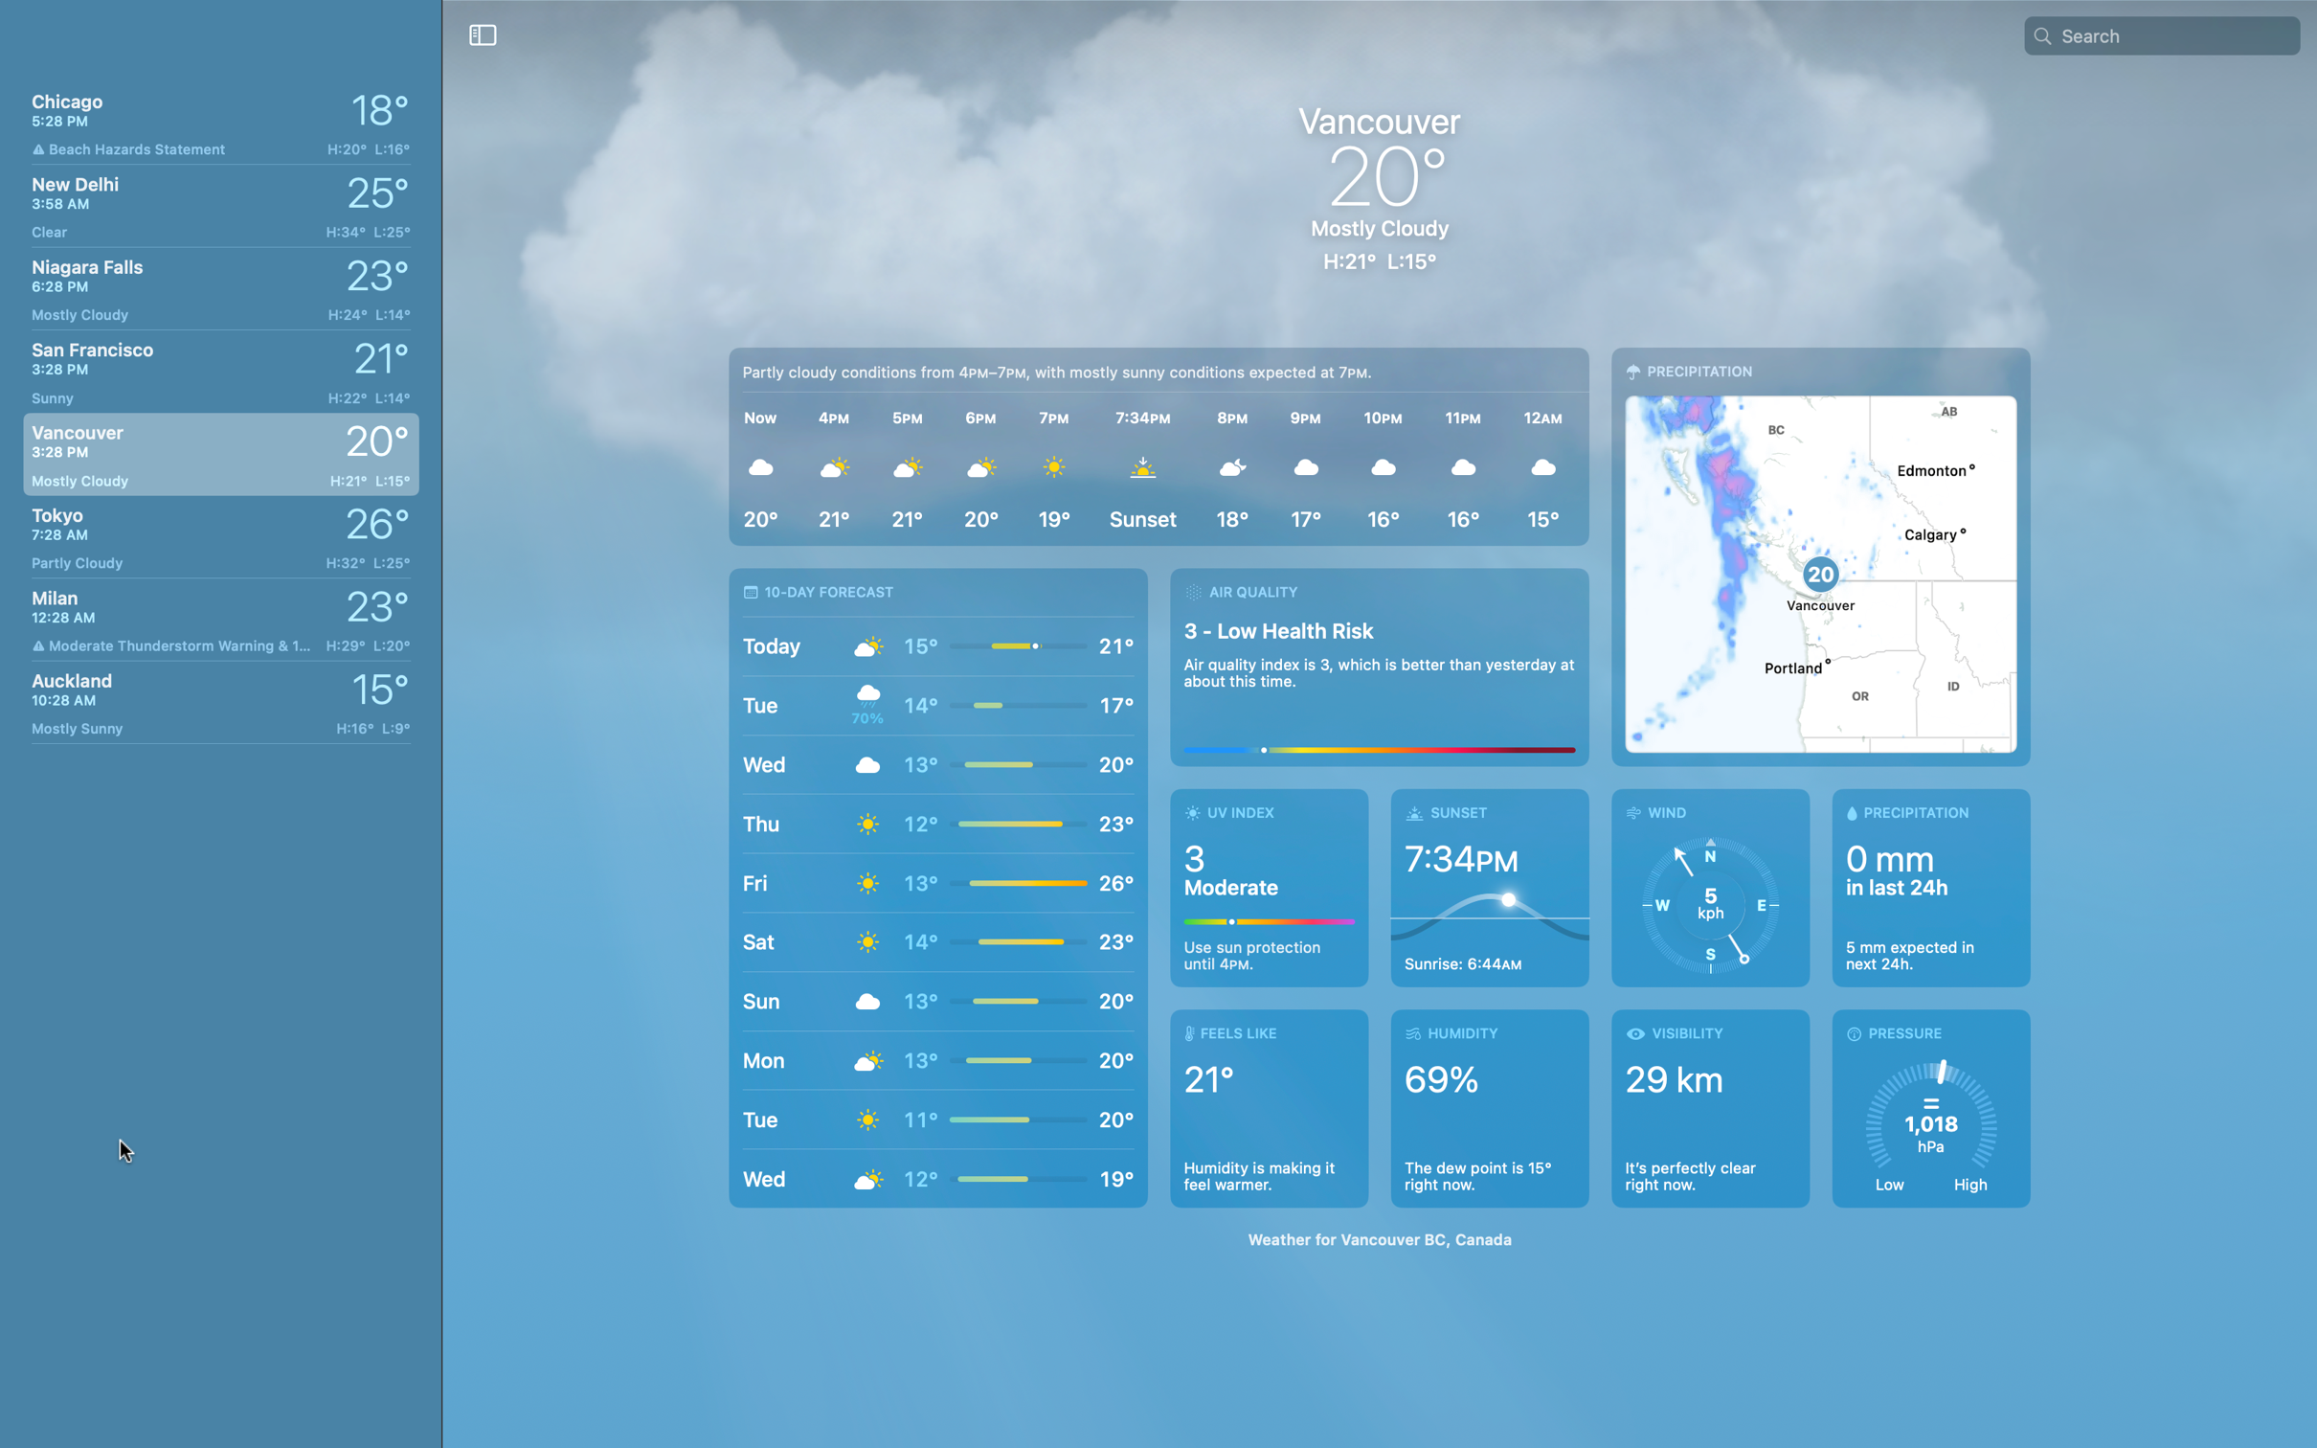 This screenshot has height=1448, width=2317. What do you see at coordinates (1270, 887) in the screenshot?
I see `Inspect UV levels in Vancouver` at bounding box center [1270, 887].